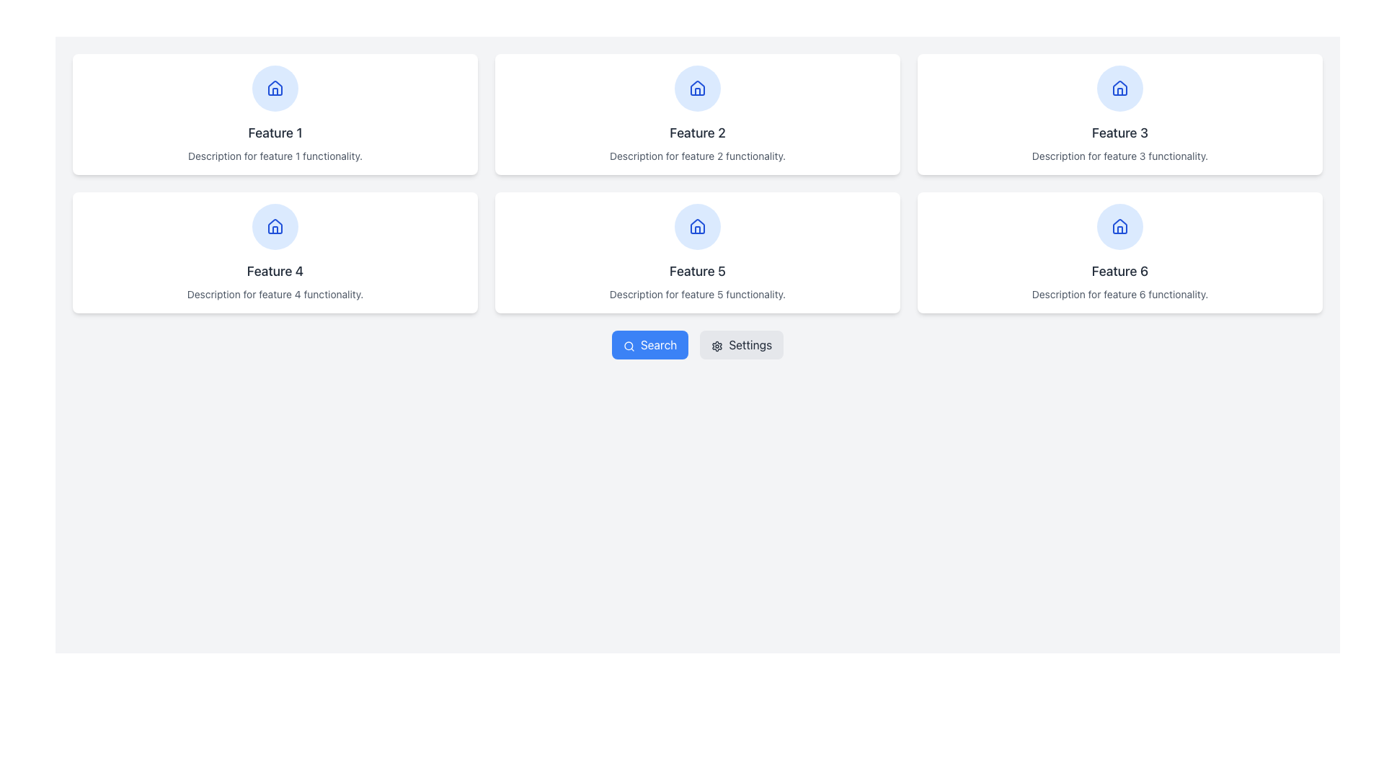  Describe the element at coordinates (1119, 133) in the screenshot. I see `the text label displaying the name or title of the 'Feature 3' card, which is the second line of text in the top-right corner of the grid layout` at that location.